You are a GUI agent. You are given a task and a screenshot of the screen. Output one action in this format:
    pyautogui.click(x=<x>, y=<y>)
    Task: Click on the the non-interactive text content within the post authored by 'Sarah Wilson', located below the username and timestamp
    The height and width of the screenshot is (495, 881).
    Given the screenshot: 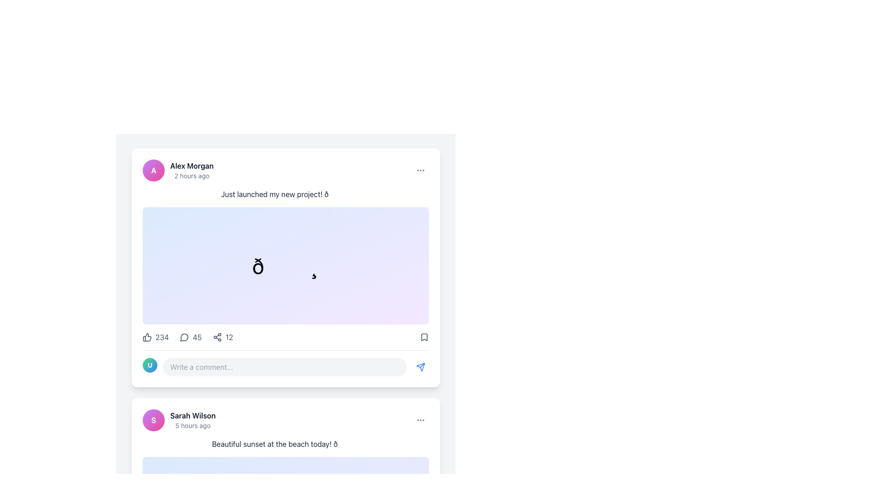 What is the action you would take?
    pyautogui.click(x=285, y=443)
    